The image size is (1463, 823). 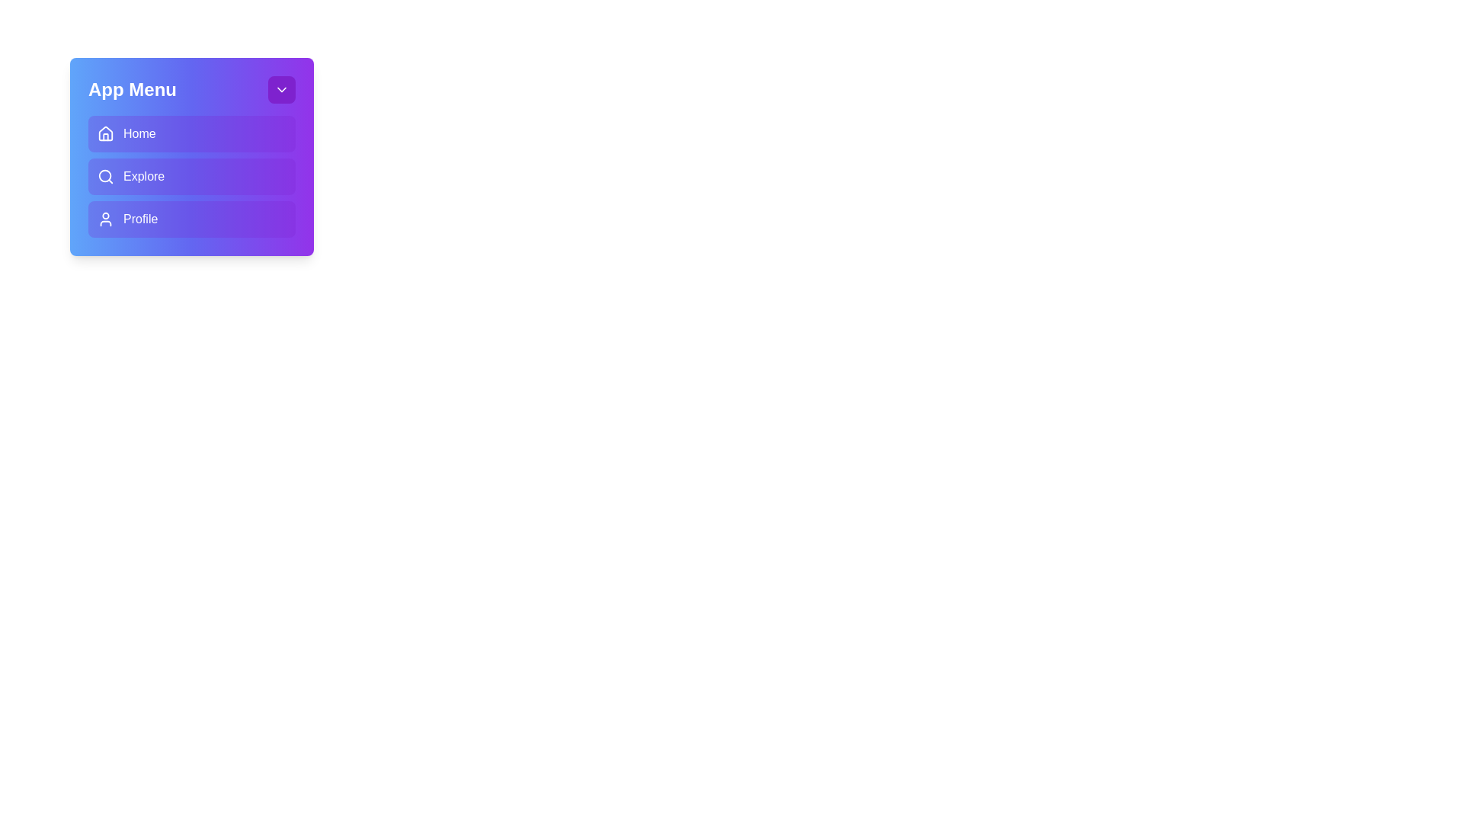 I want to click on the text label of the navigation menu item that directs to the exploration feature, so click(x=144, y=175).